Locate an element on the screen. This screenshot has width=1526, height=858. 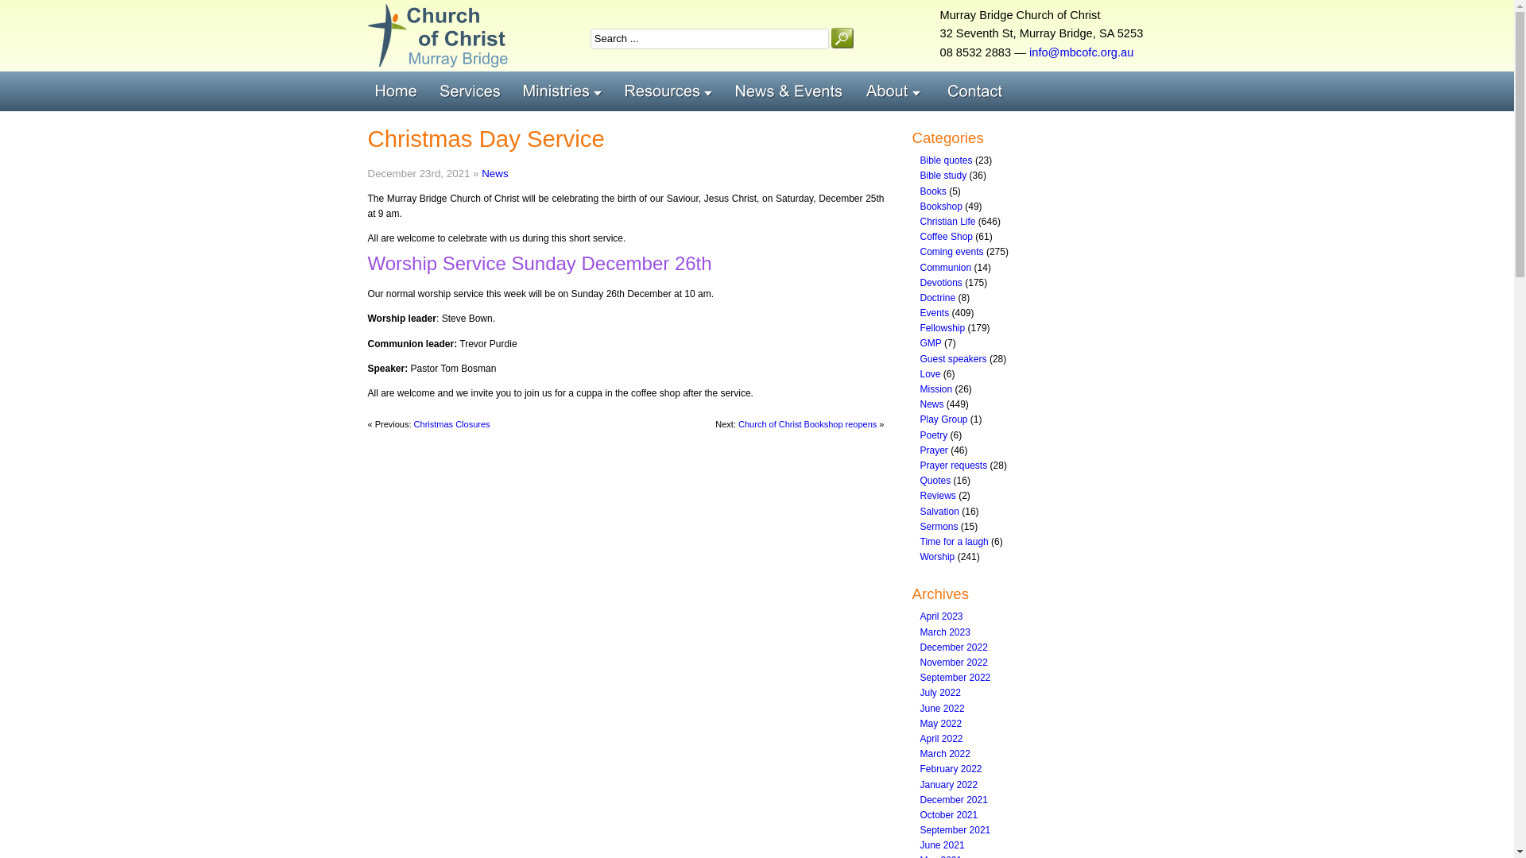
'Coffee Shop' is located at coordinates (947, 236).